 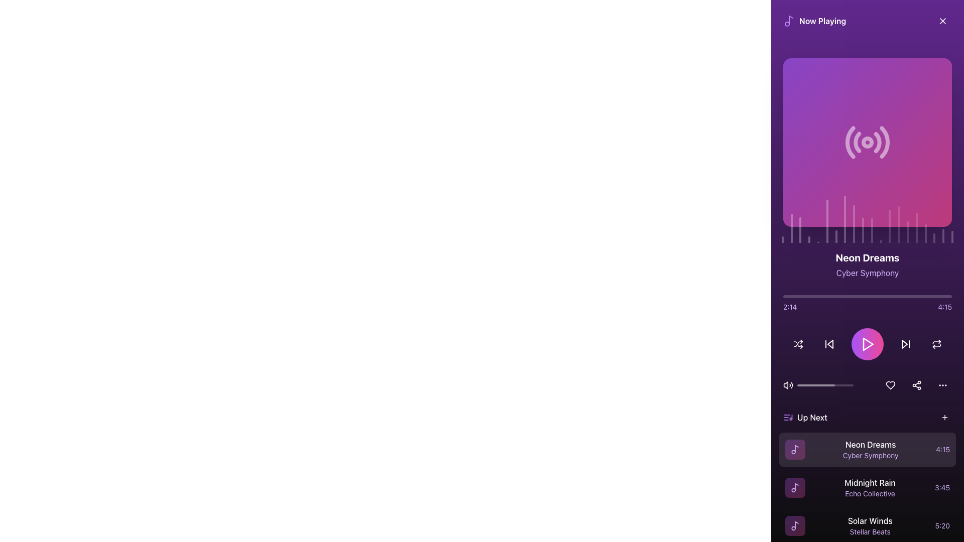 What do you see at coordinates (869, 296) in the screenshot?
I see `progress` at bounding box center [869, 296].